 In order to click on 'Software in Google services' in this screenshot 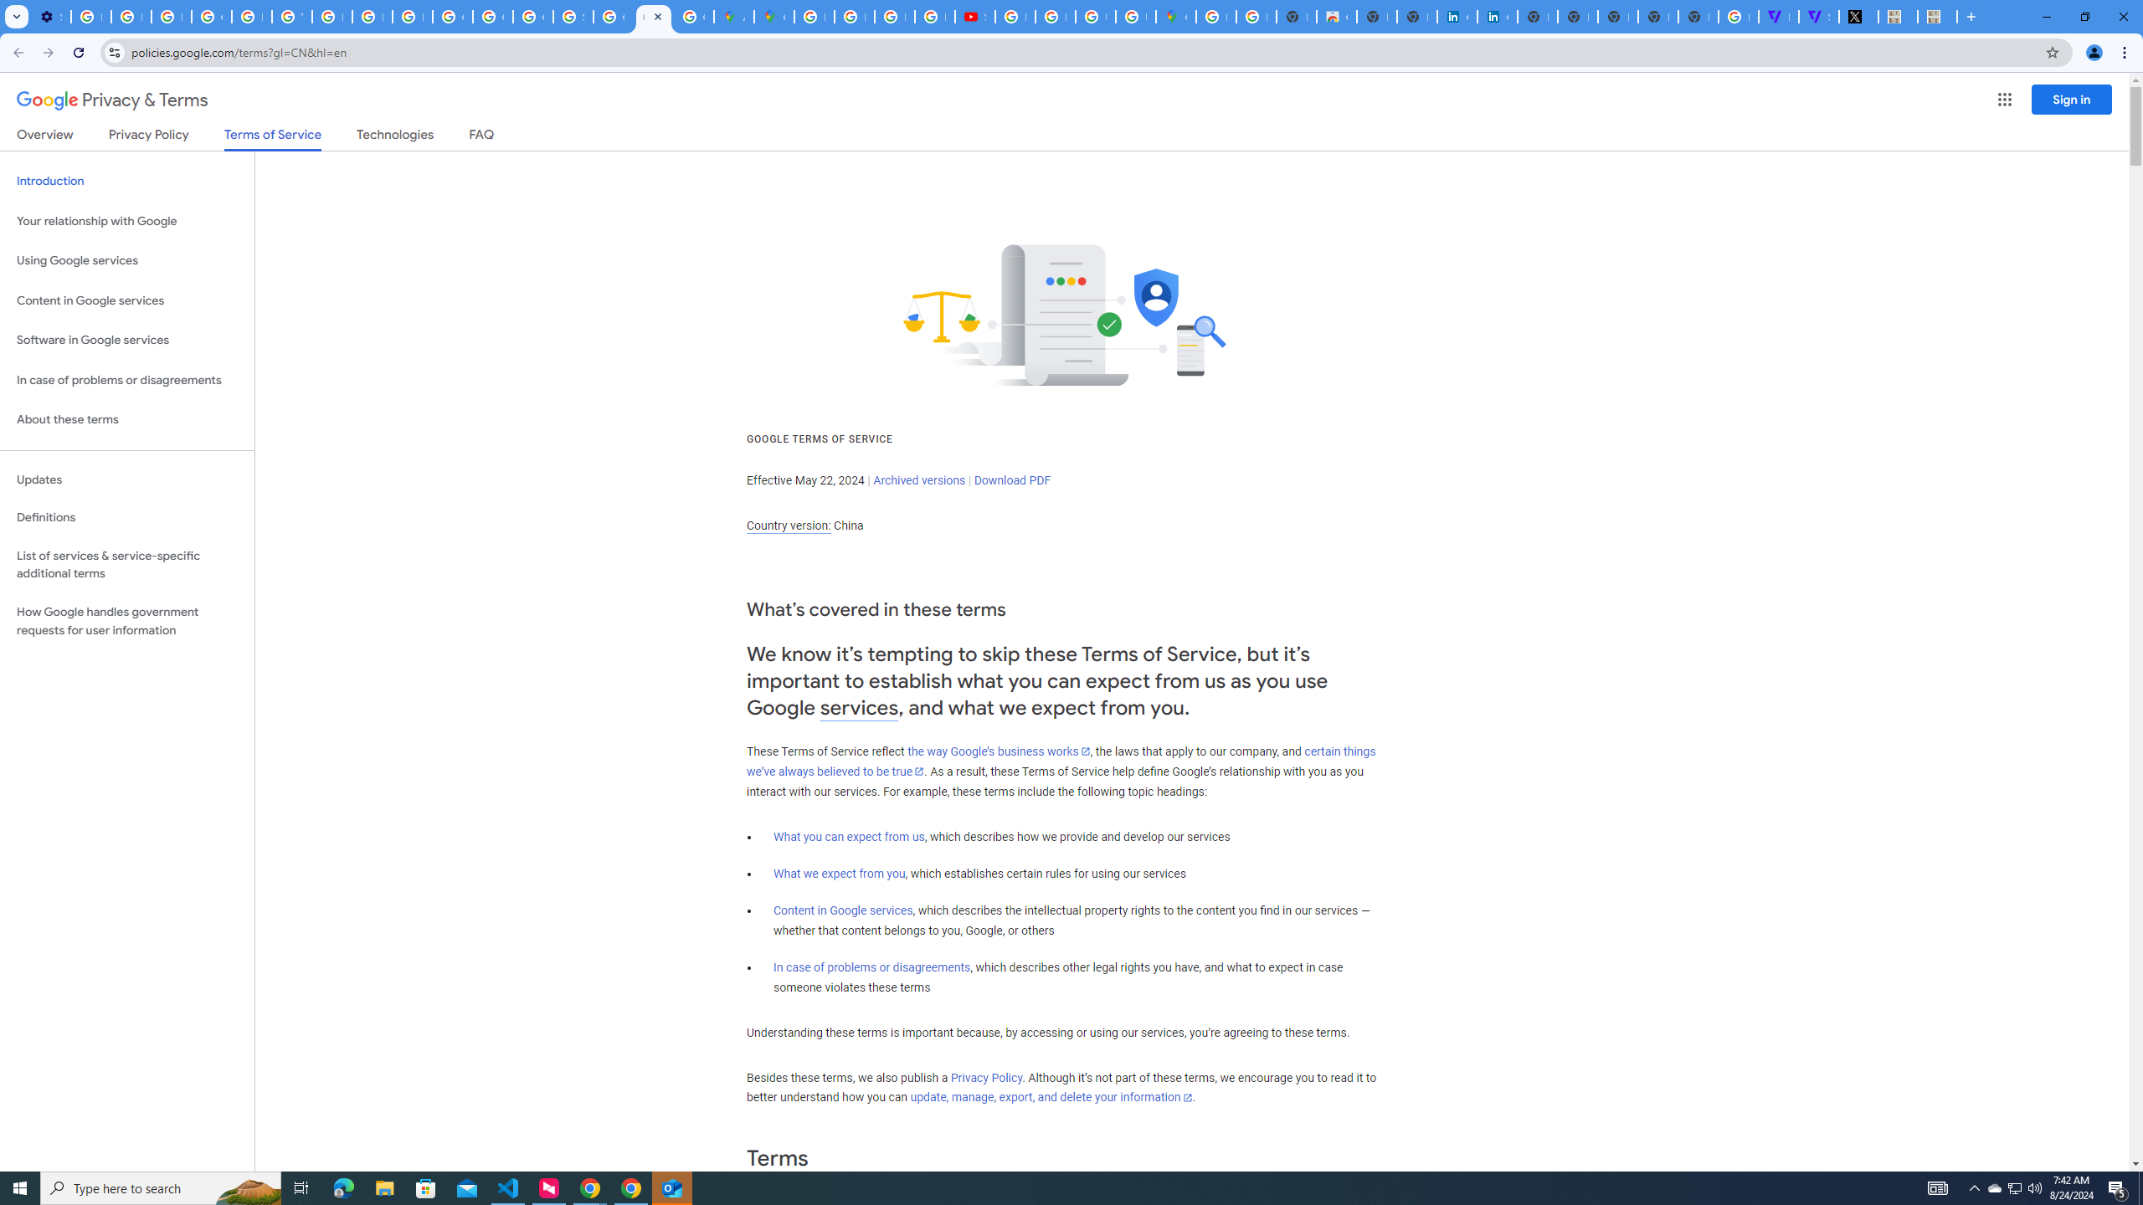, I will do `click(126, 339)`.